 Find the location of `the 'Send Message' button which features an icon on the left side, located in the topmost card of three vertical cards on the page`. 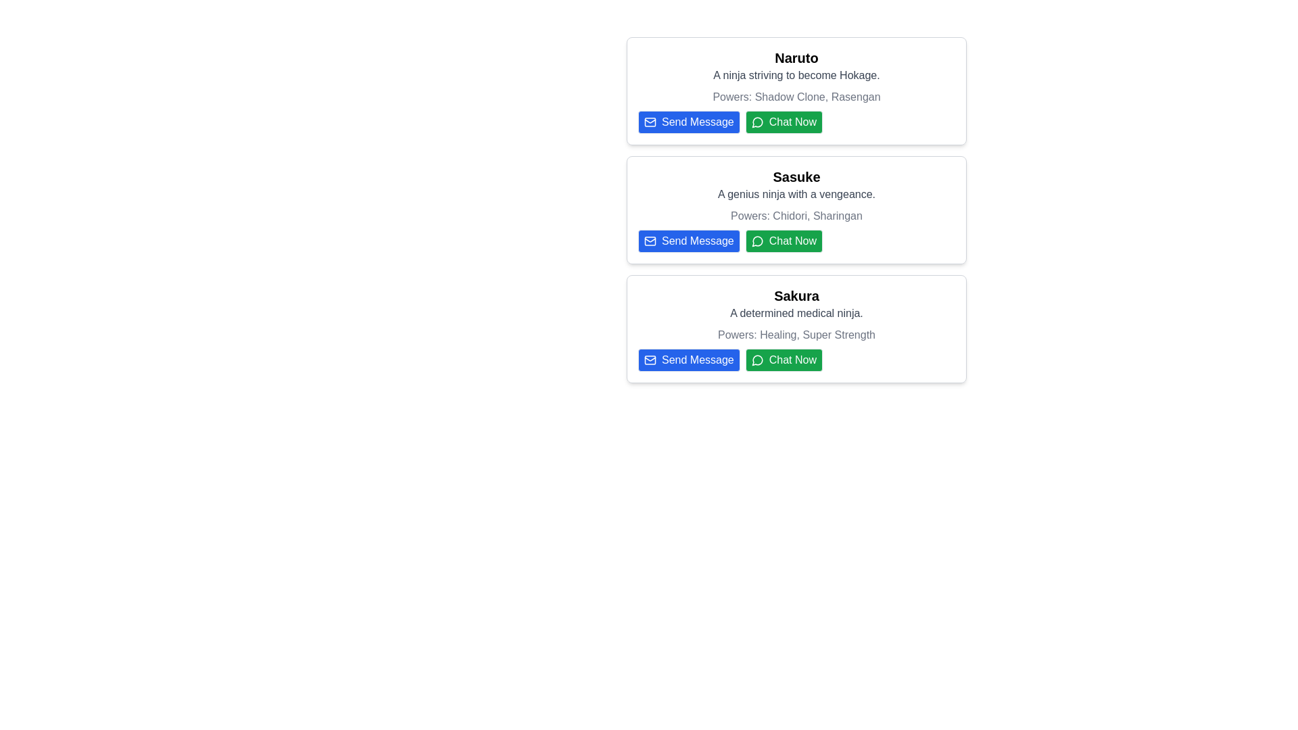

the 'Send Message' button which features an icon on the left side, located in the topmost card of three vertical cards on the page is located at coordinates (650, 122).